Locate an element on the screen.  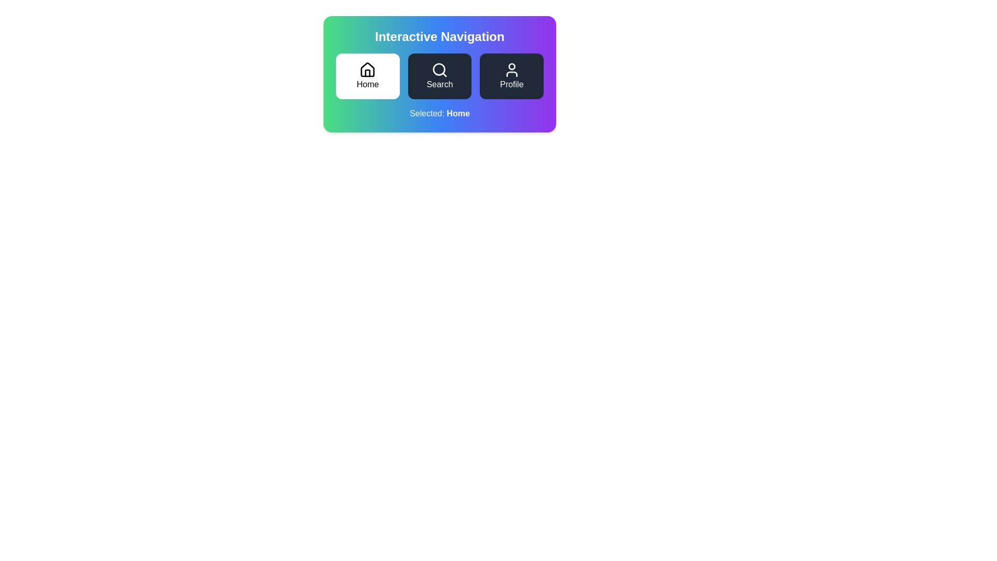
the rectangular 'Search' button with a dark gray background and a white magnifying glass icon, located in the center column of the navigation bar is located at coordinates (439, 75).